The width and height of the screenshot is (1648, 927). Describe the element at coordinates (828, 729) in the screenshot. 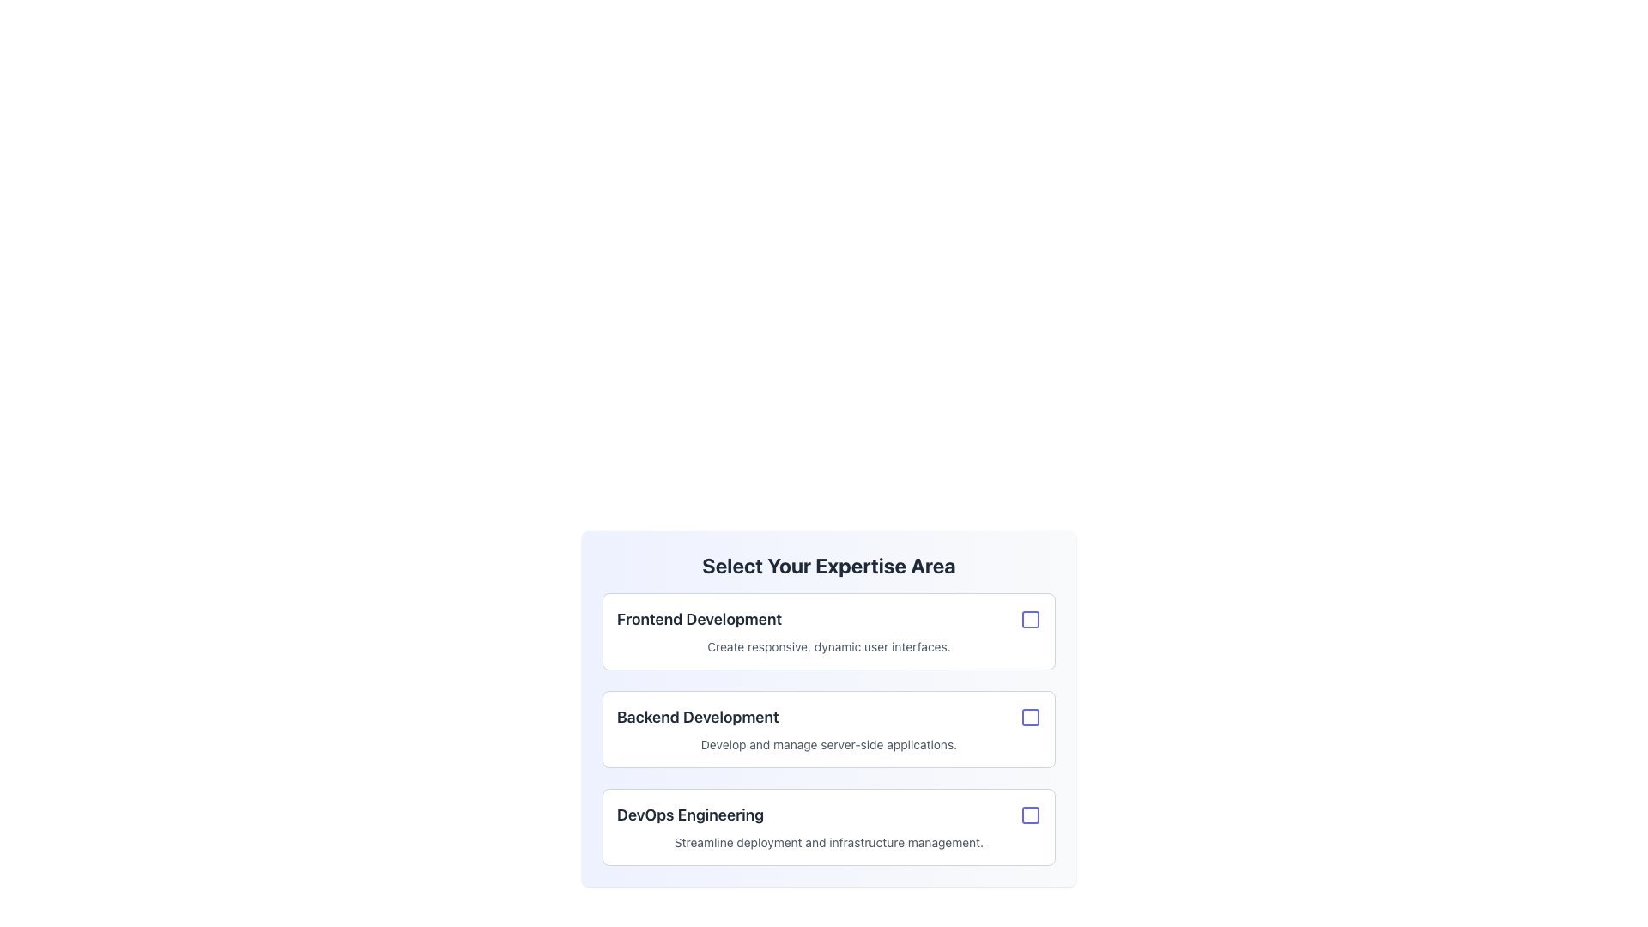

I see `the checkbox next to the 'Backend Development' option` at that location.